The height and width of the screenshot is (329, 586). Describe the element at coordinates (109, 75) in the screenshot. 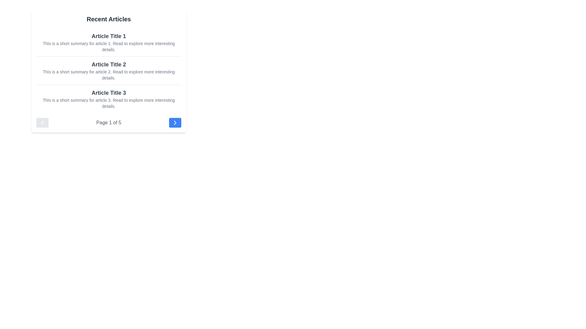

I see `the text content styled with a smaller font size and gray color that presents the summary: 'This is a short summary for article 2.' located below the title 'Article Title 2' in the 'Recent Articles' section` at that location.